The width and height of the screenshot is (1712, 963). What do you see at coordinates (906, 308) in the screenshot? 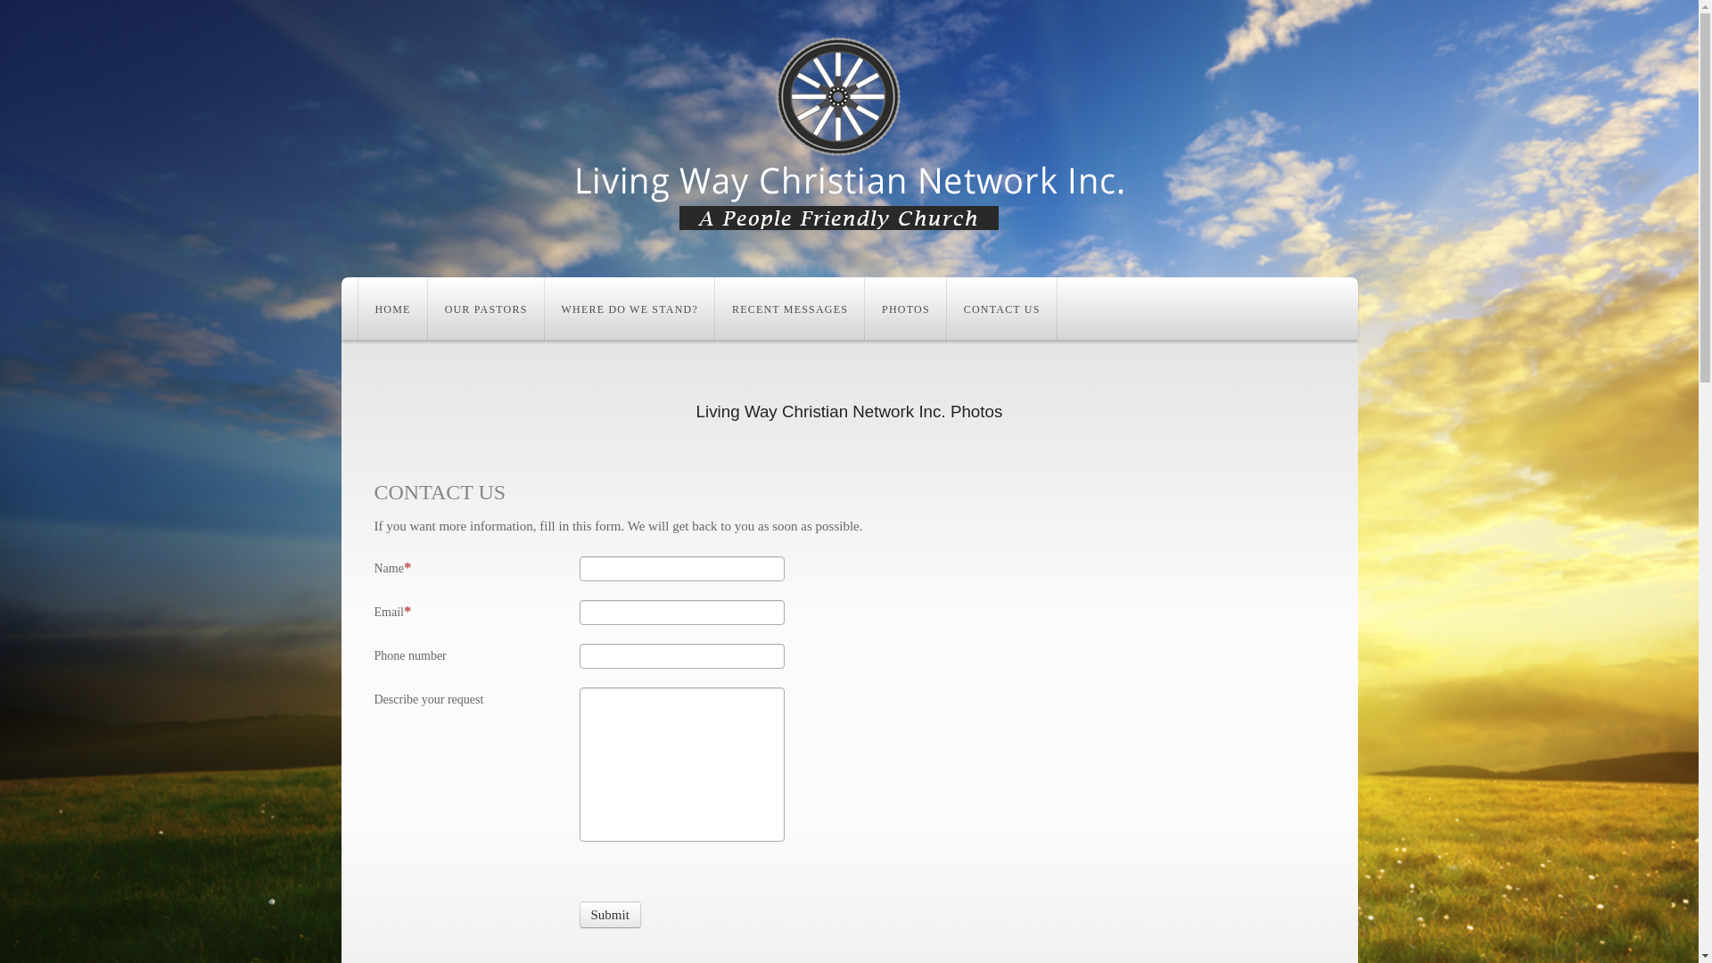
I see `'PHOTOS'` at bounding box center [906, 308].